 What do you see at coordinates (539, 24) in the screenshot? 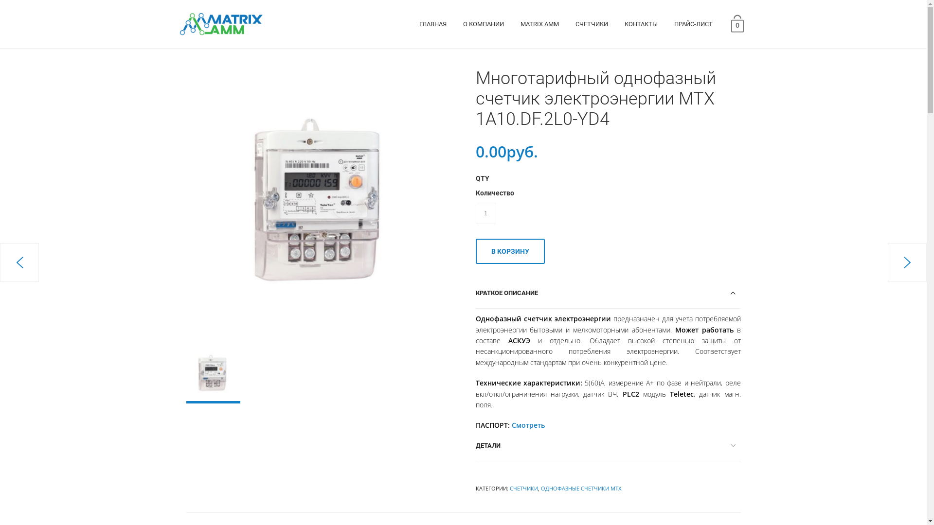
I see `'MATRIX AMM'` at bounding box center [539, 24].